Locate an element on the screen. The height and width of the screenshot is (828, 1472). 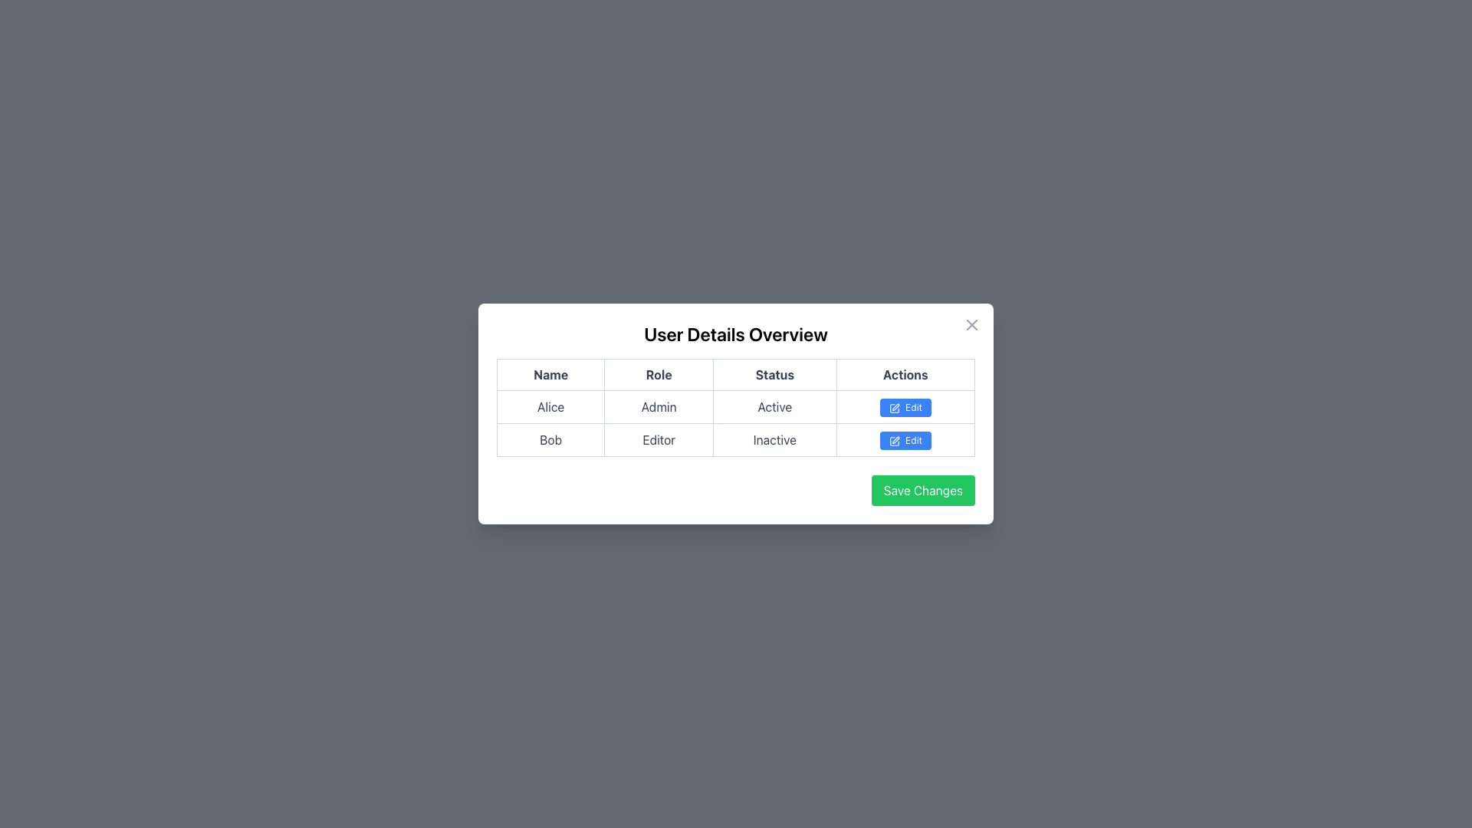
the close button located in the top-right corner of the user details overview form to observe the styling change is located at coordinates (971, 324).